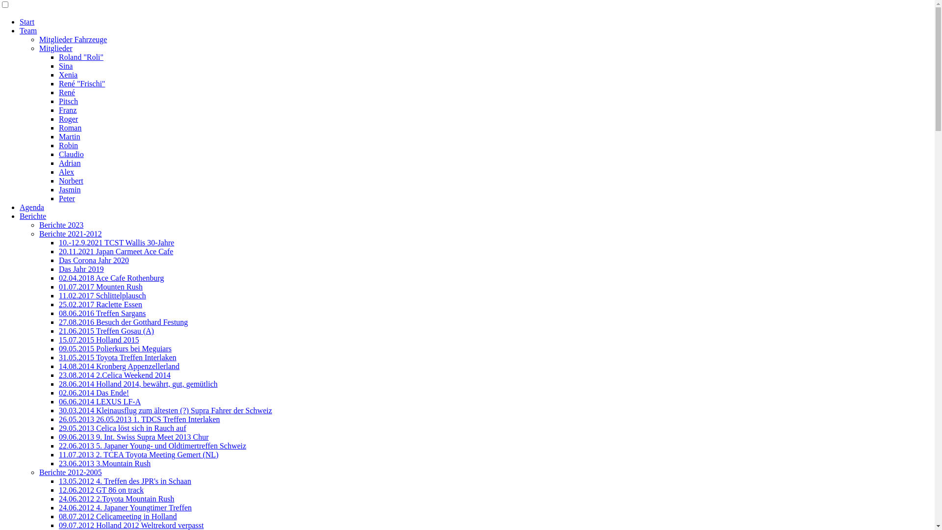  I want to click on 'Martin', so click(69, 136).